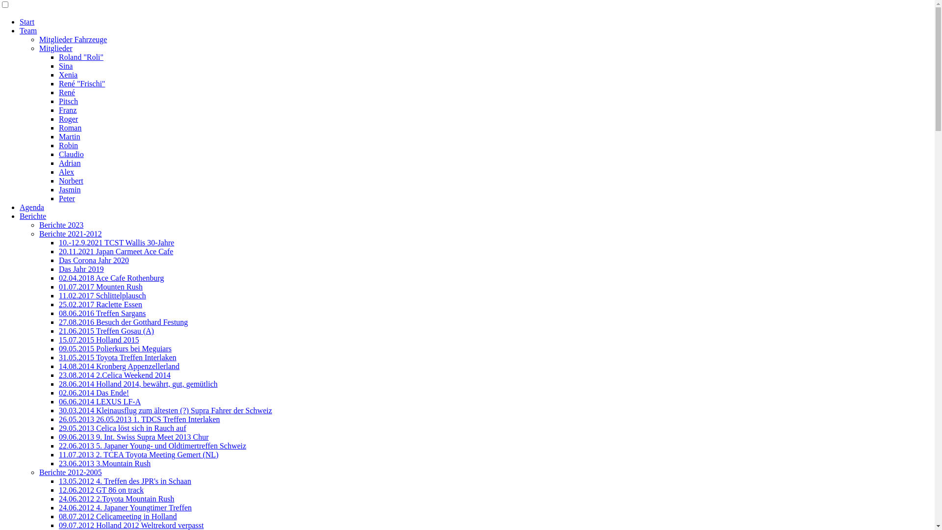  I want to click on 'Martin', so click(69, 136).